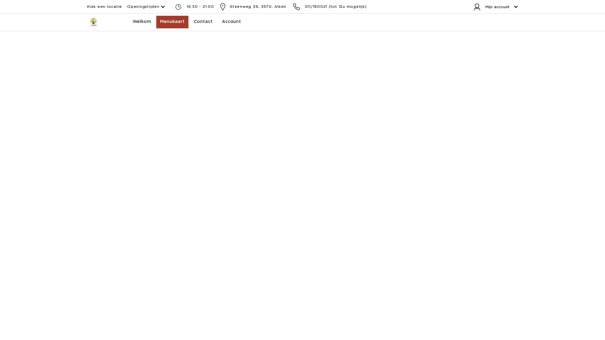 The height and width of the screenshot is (340, 605). I want to click on '011/190021 (tot 12u mogelijk)', so click(335, 6).